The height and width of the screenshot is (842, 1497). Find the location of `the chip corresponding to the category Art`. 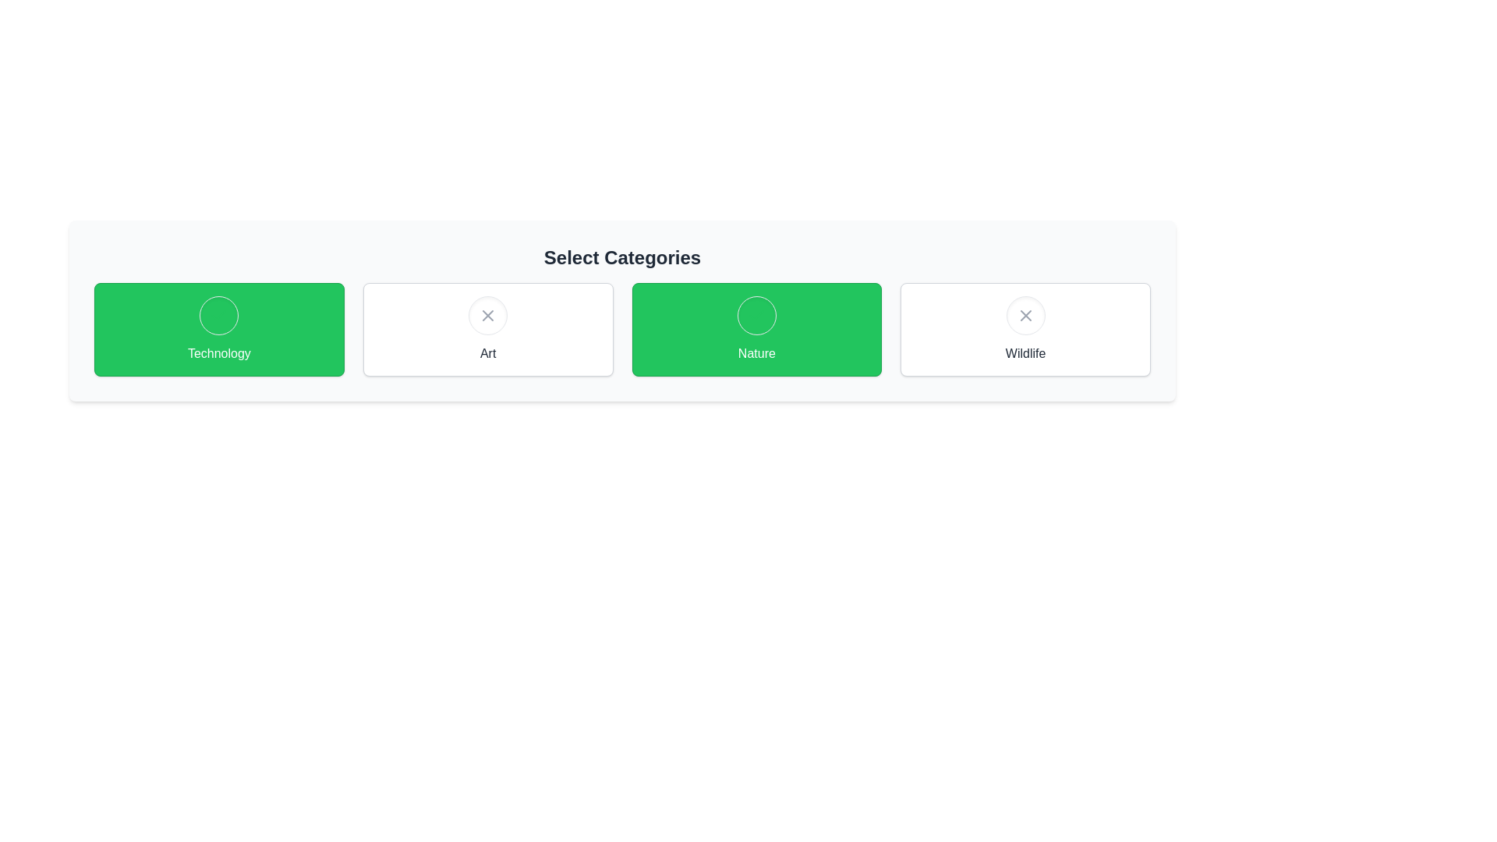

the chip corresponding to the category Art is located at coordinates (487, 329).